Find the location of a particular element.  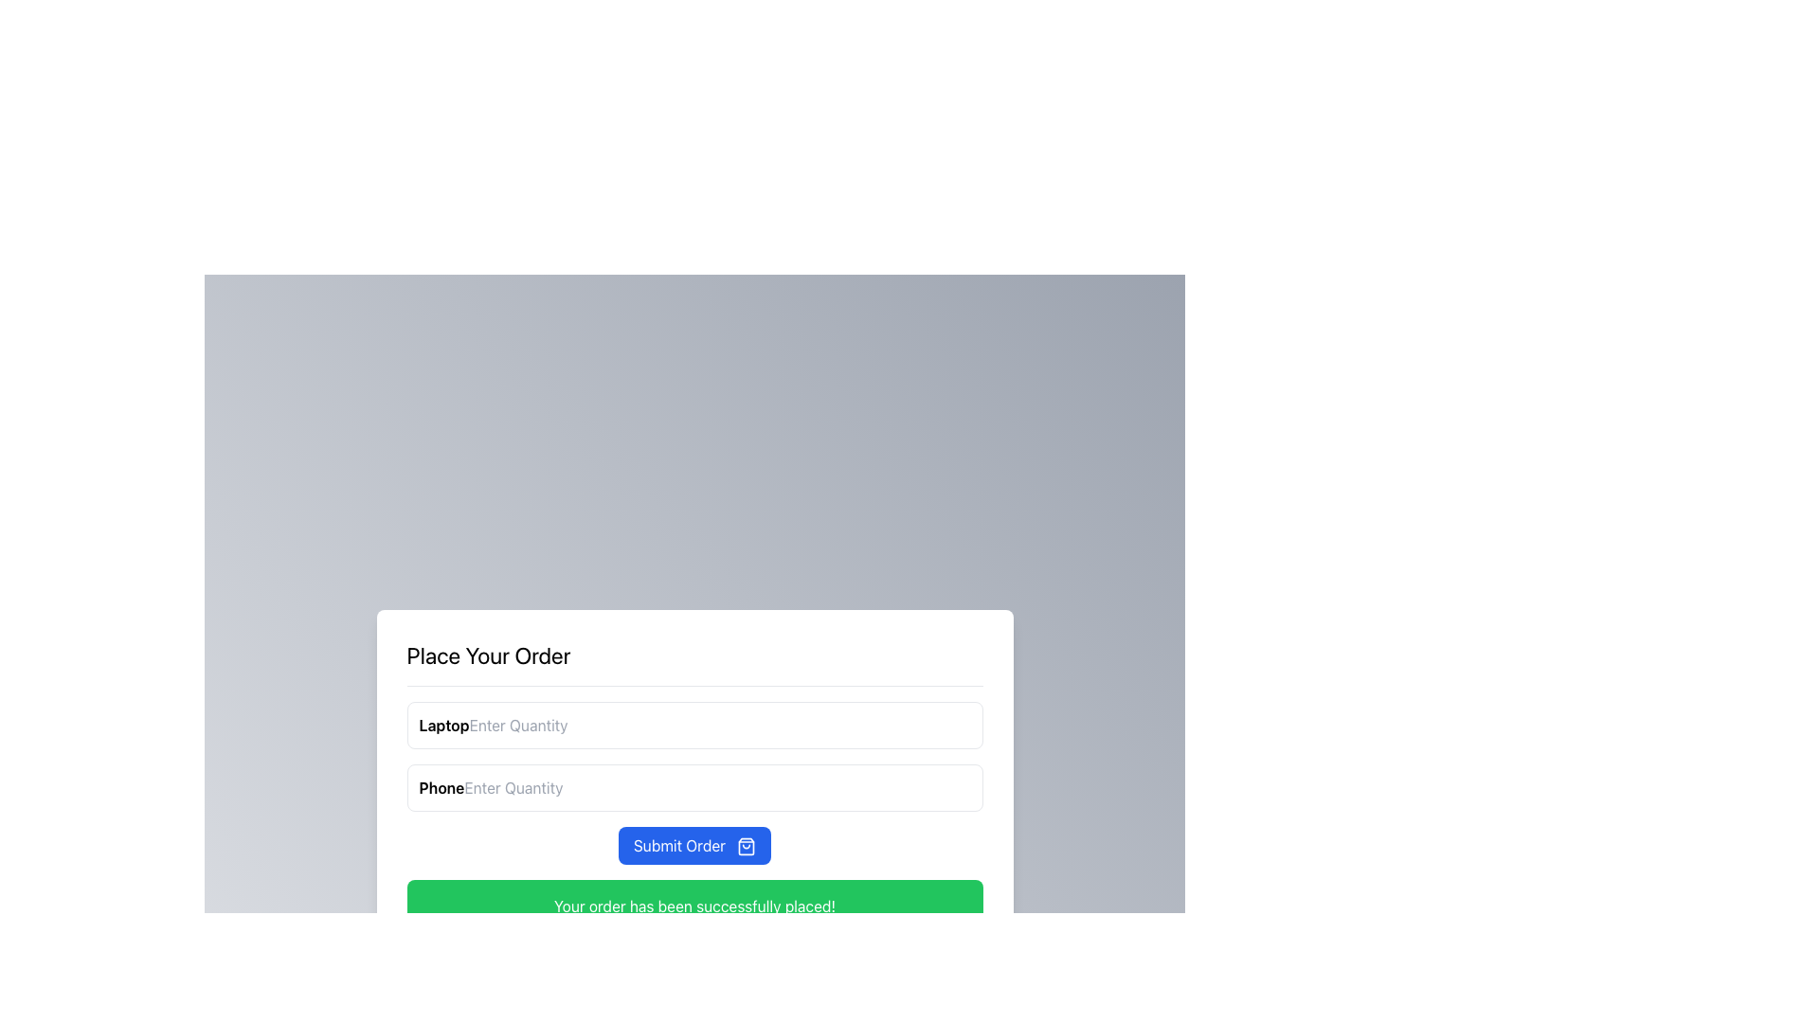

keyboard navigation is located at coordinates (546, 787).